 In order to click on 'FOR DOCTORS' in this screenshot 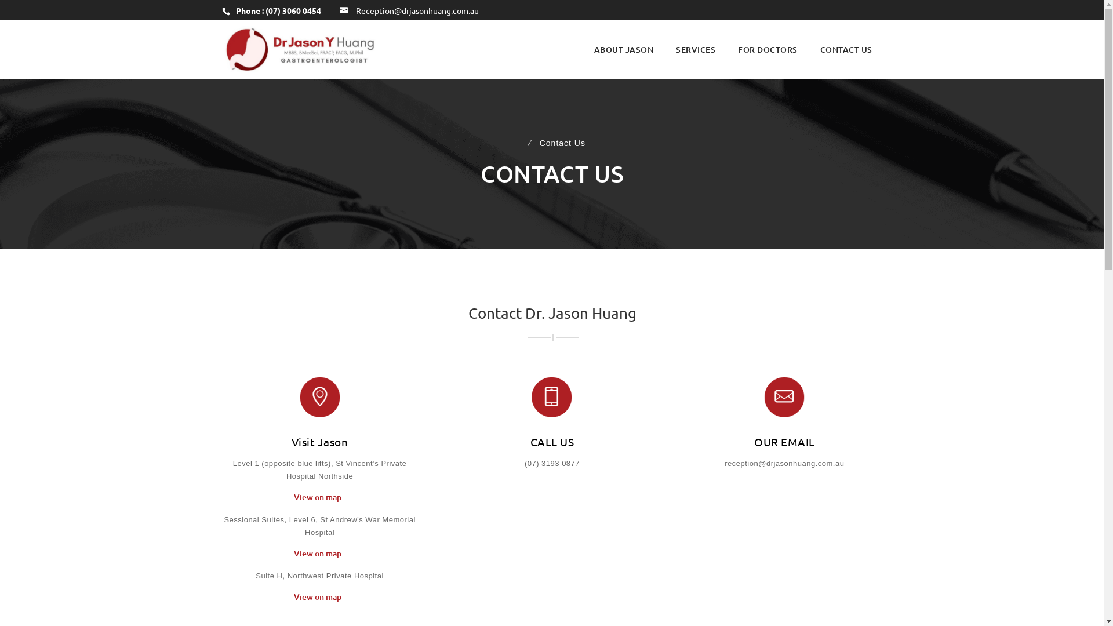, I will do `click(768, 49)`.